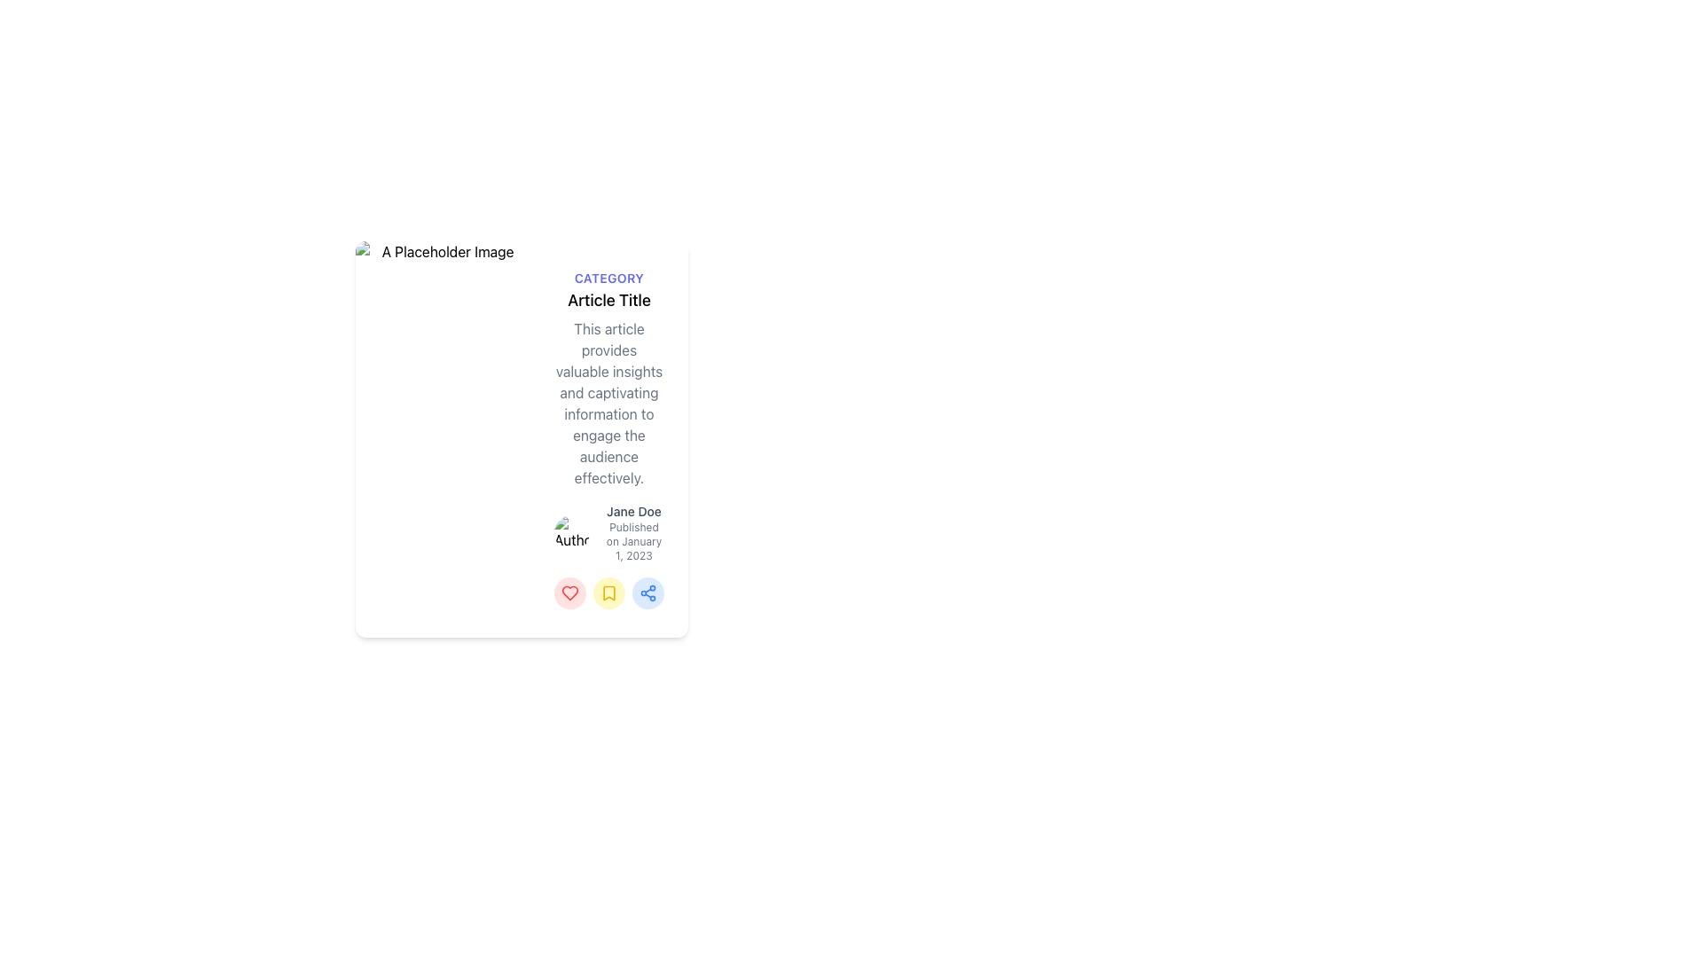  I want to click on the text link reading 'Article Title', so click(608, 300).